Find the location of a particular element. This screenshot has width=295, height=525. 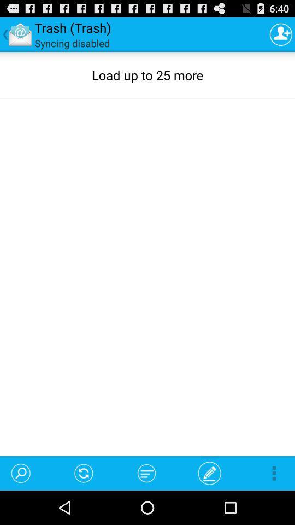

contat add is located at coordinates (281, 34).